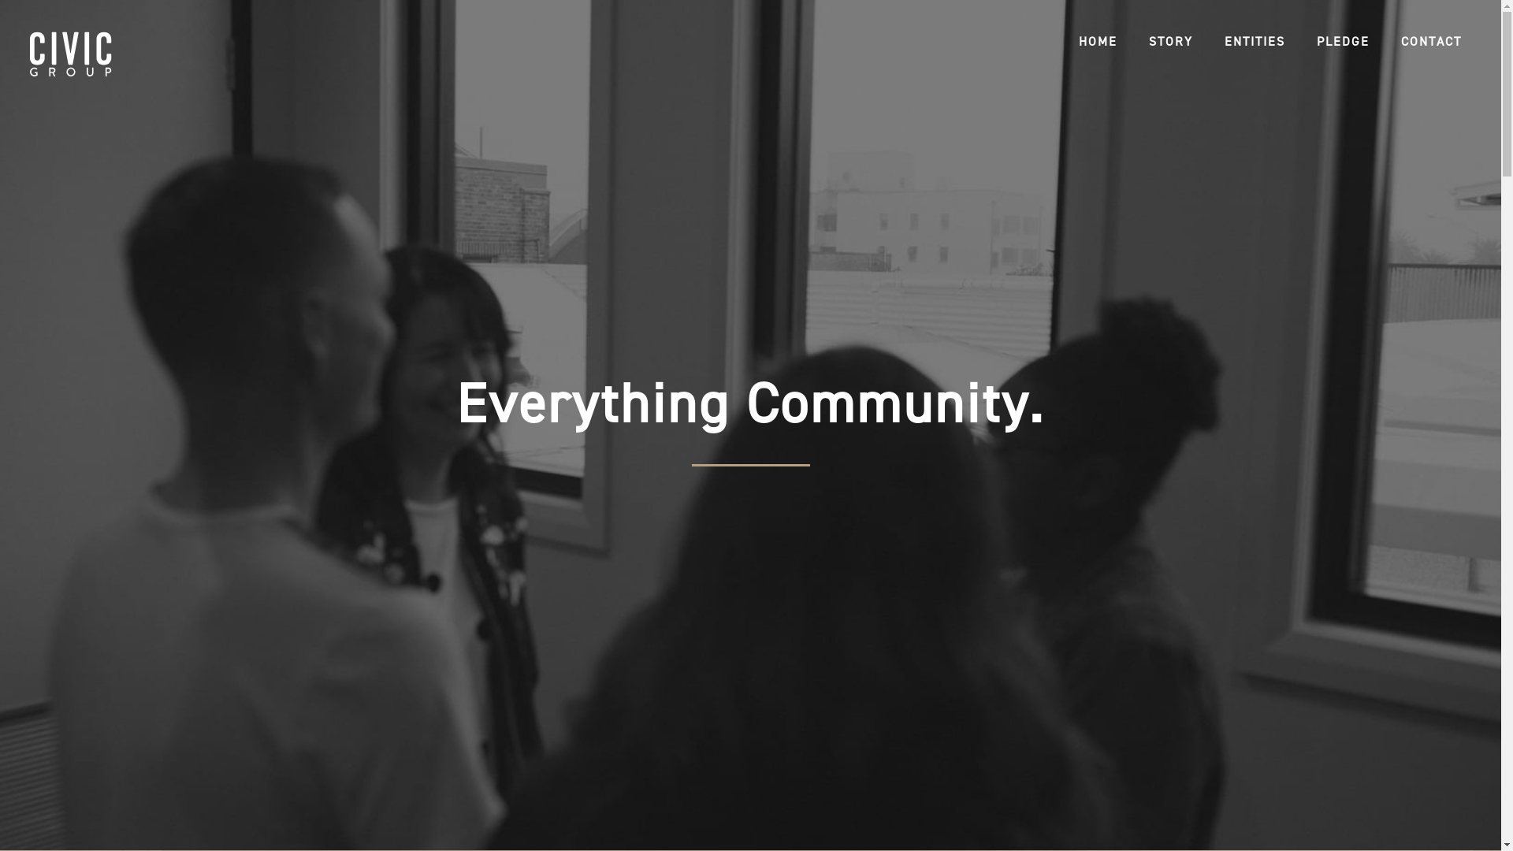 The width and height of the screenshot is (1513, 851). Describe the element at coordinates (1254, 41) in the screenshot. I see `'ENTITIES'` at that location.